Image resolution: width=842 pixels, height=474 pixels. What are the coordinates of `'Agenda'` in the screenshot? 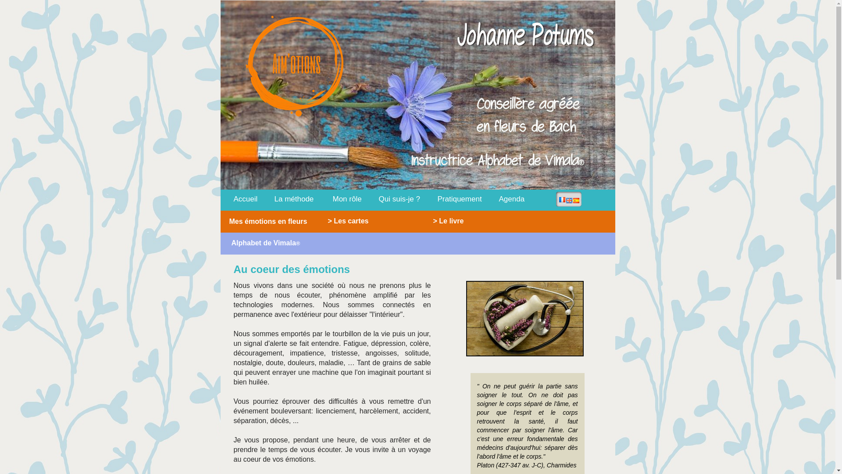 It's located at (492, 198).